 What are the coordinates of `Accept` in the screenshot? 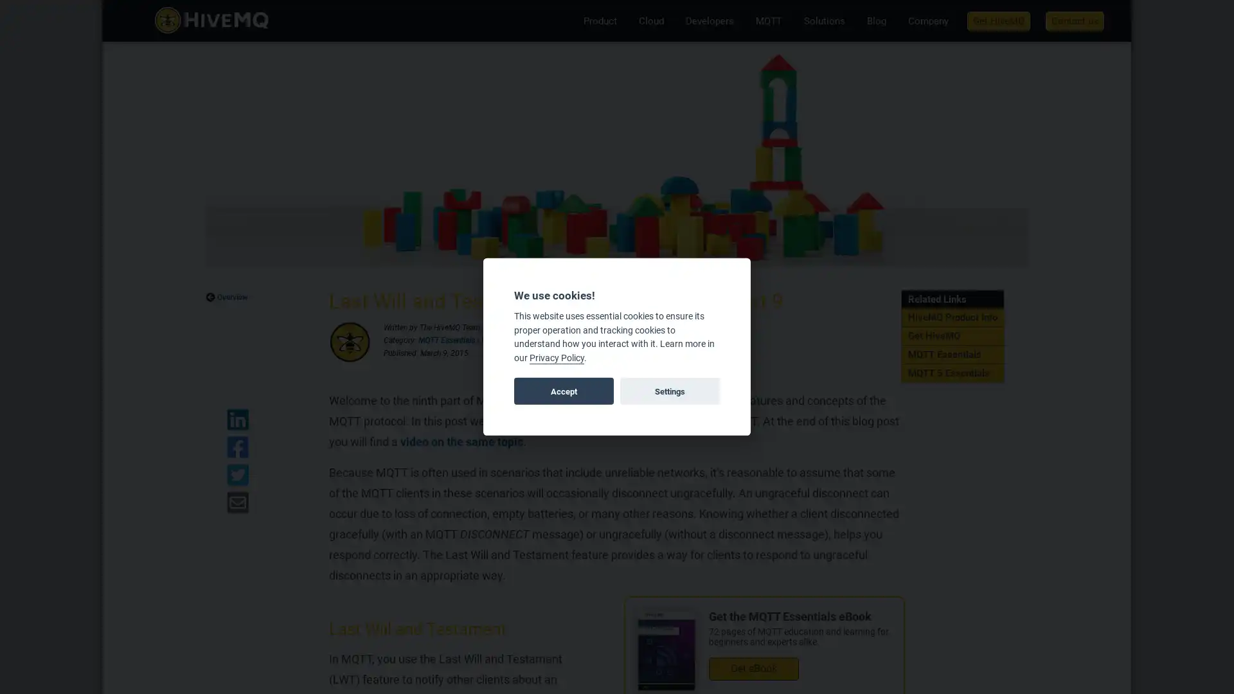 It's located at (564, 391).